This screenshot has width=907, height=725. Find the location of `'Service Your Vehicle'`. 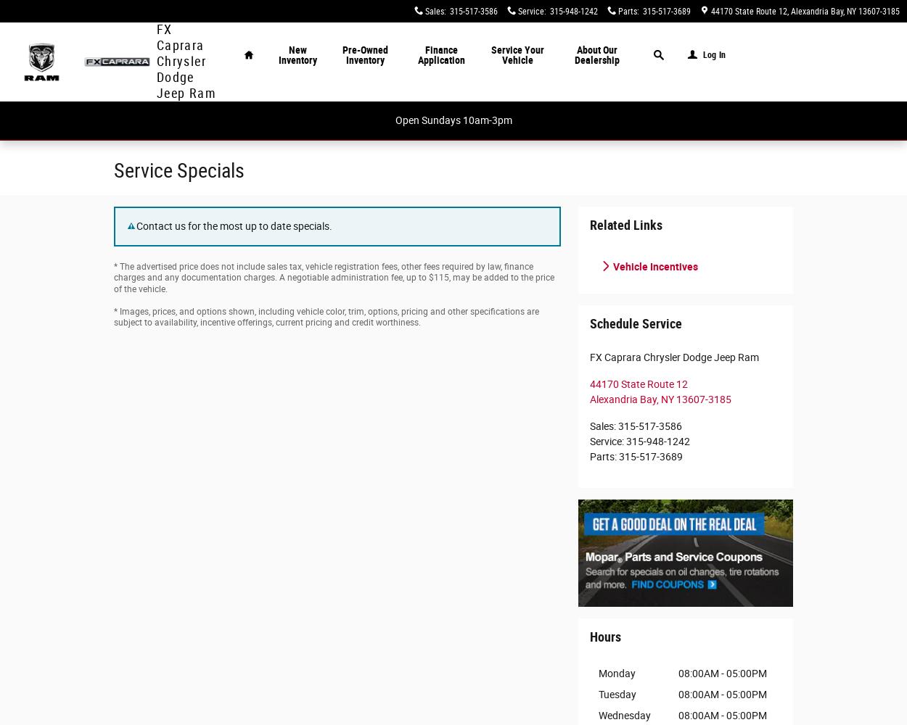

'Service Your Vehicle' is located at coordinates (517, 54).